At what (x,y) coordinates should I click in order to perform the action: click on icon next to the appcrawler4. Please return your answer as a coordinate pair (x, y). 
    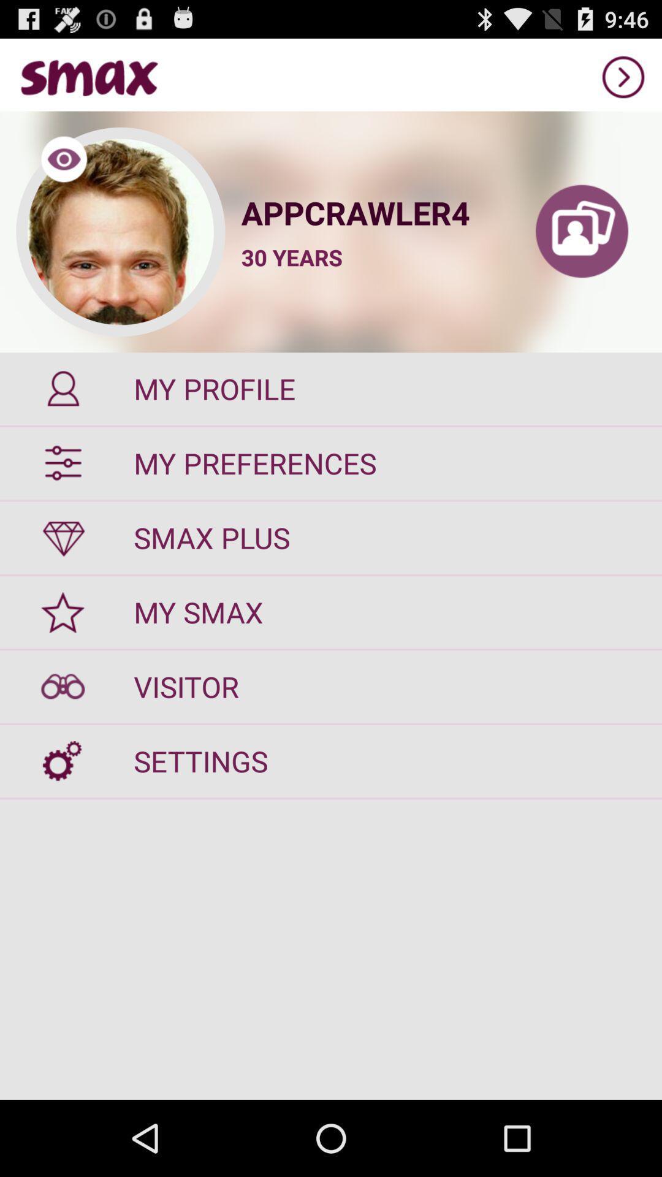
    Looking at the image, I should click on (581, 232).